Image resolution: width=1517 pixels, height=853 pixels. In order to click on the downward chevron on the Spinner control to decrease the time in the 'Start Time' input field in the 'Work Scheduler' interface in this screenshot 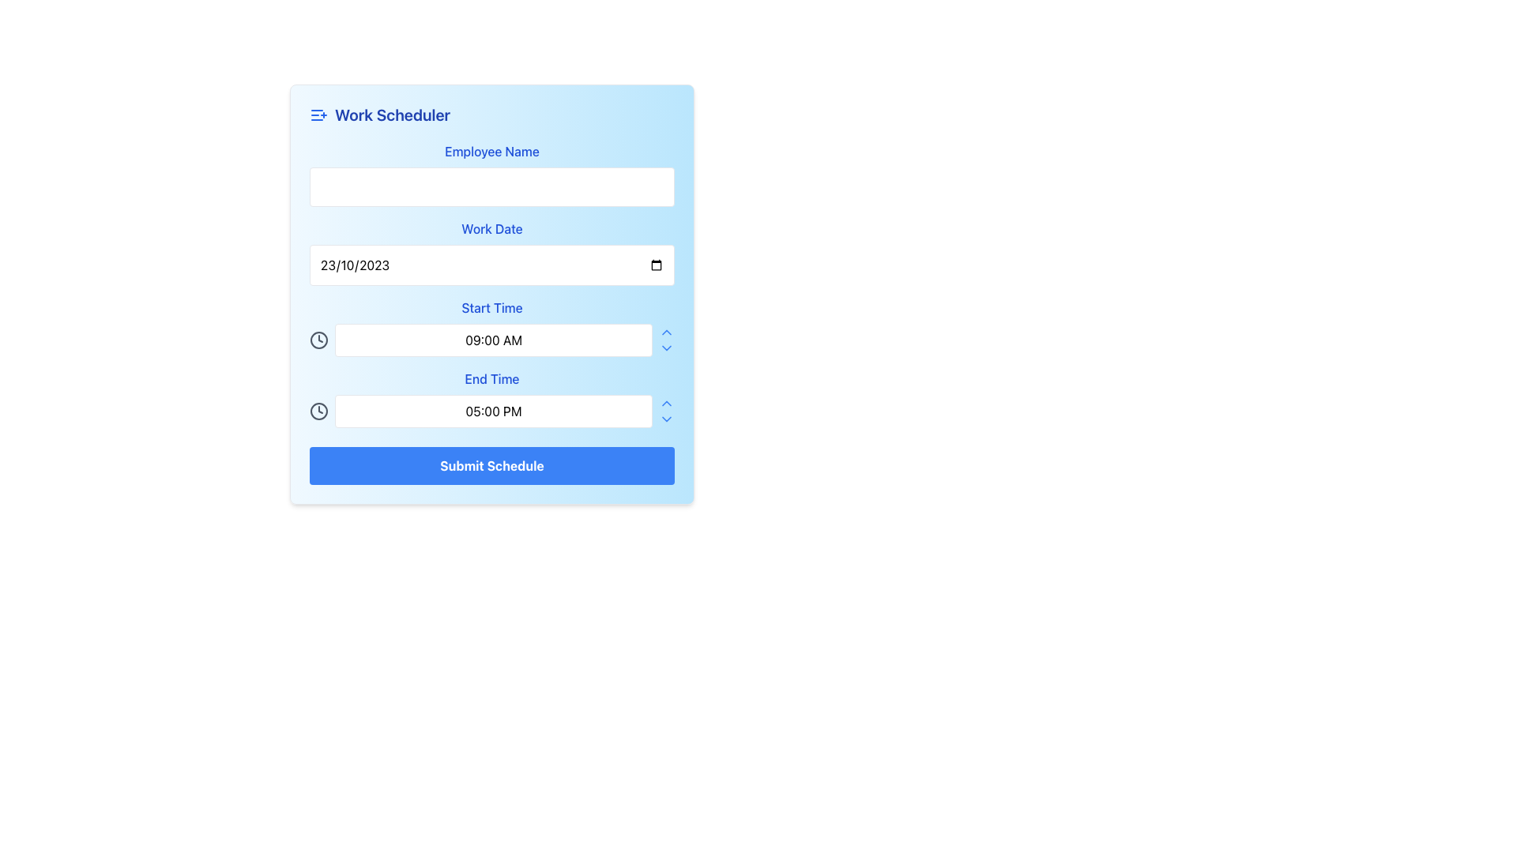, I will do `click(667, 340)`.